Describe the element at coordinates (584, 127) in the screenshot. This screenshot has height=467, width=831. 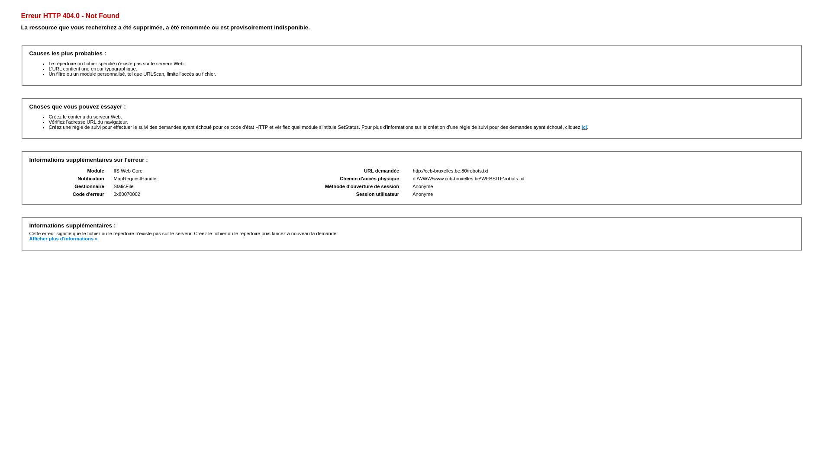
I see `'ici'` at that location.